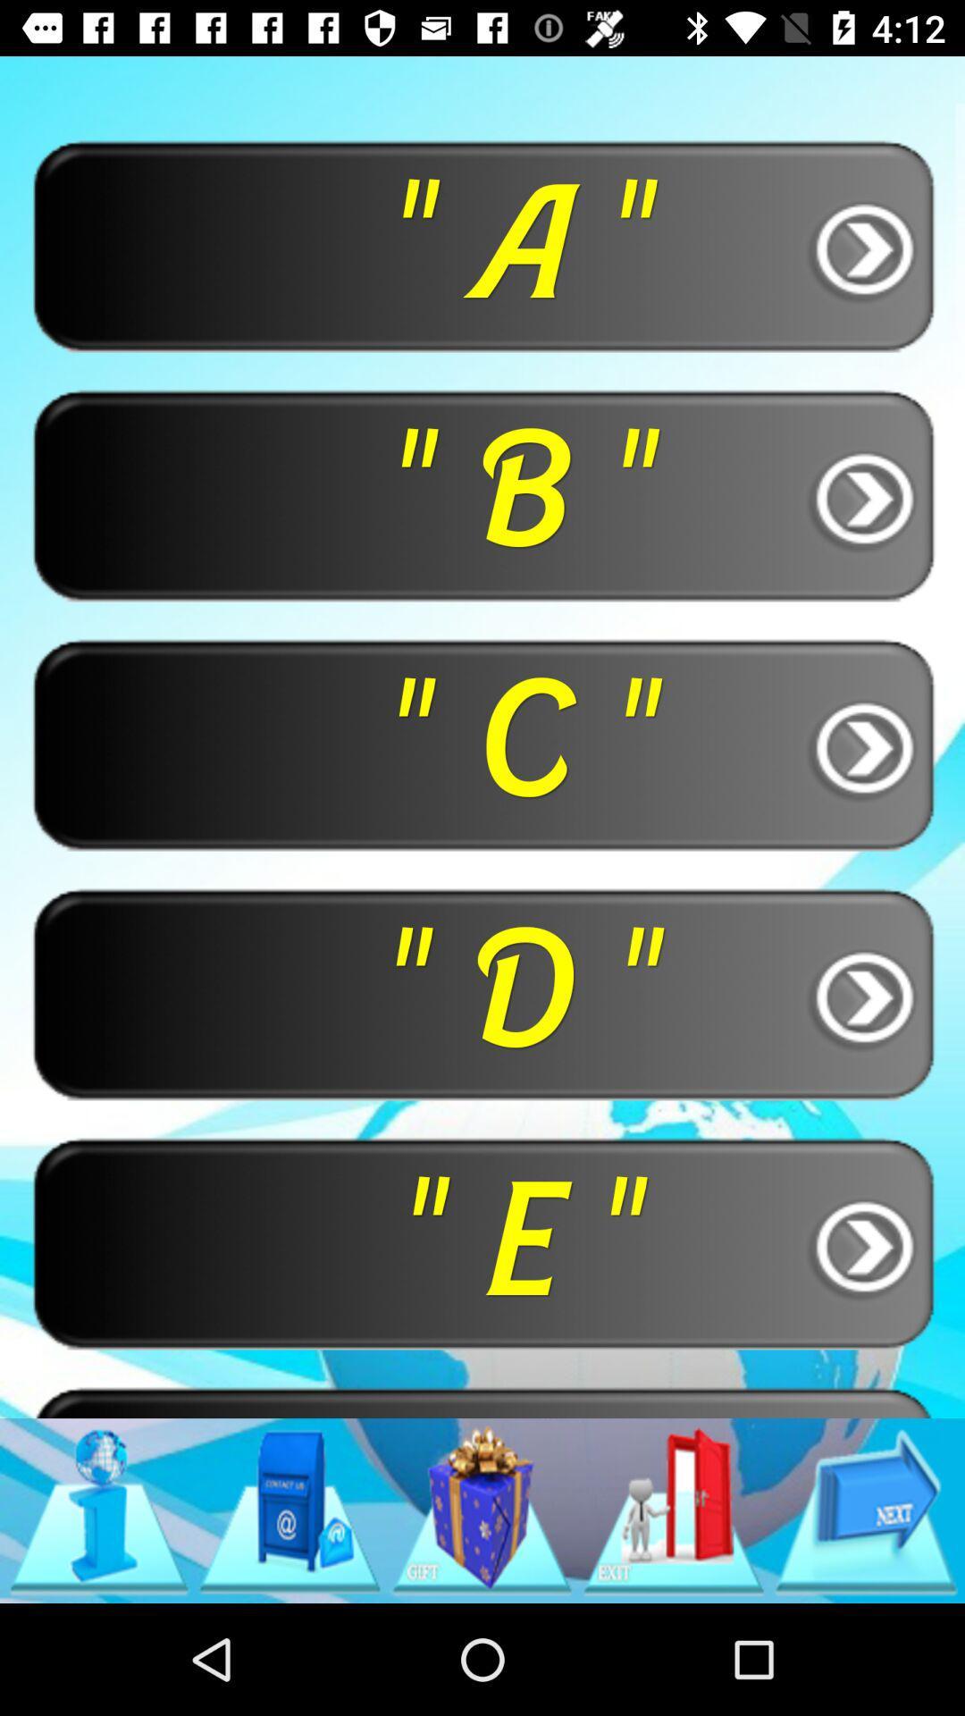 This screenshot has width=965, height=1716. What do you see at coordinates (482, 744) in the screenshot?
I see `the   " c " button` at bounding box center [482, 744].